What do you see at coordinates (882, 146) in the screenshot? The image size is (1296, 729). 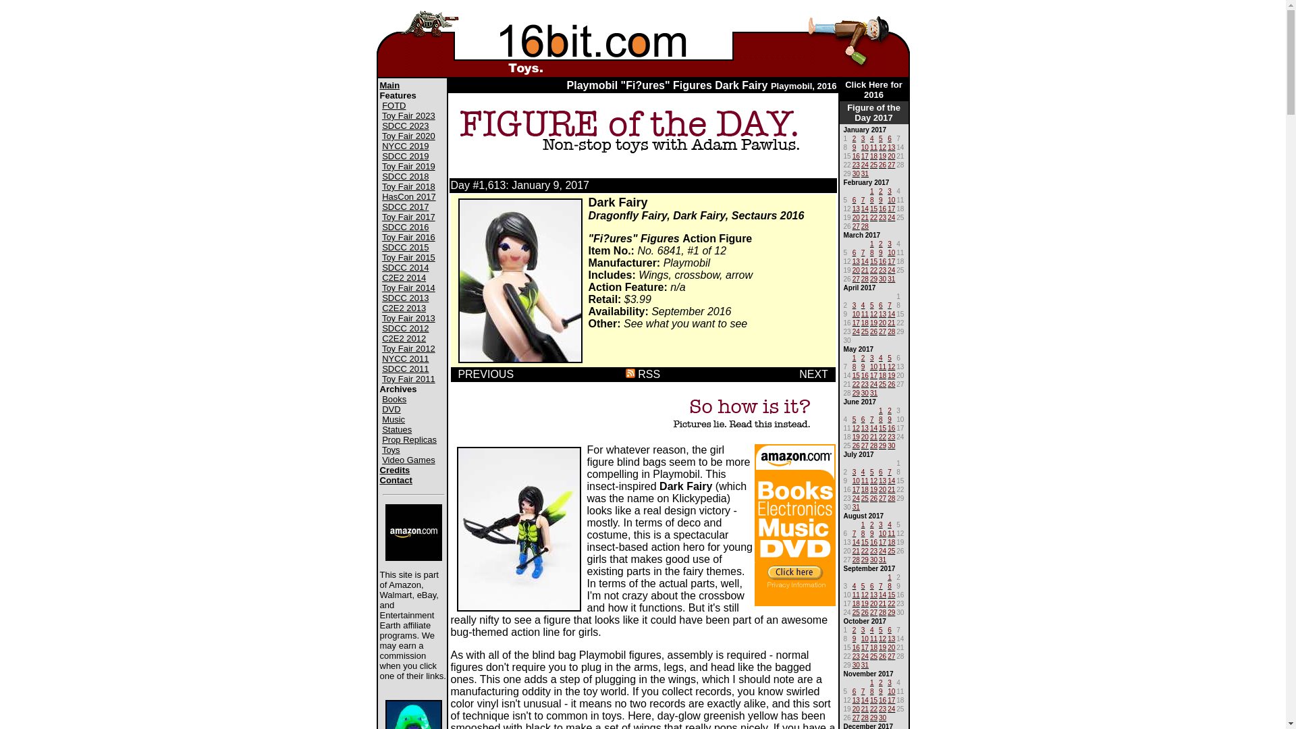 I see `'12'` at bounding box center [882, 146].